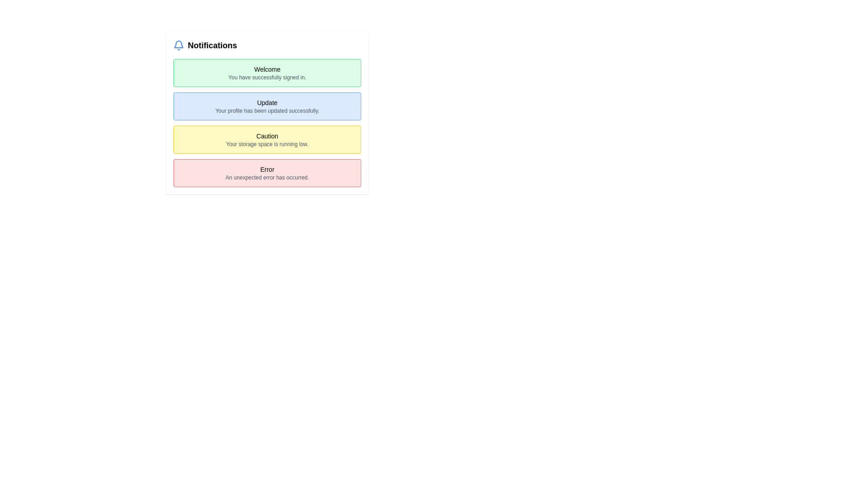  I want to click on the Notification box that informs the user of a successful profile update, positioned between a green 'Welcome' box and a yellow 'Caution' box, so click(266, 106).